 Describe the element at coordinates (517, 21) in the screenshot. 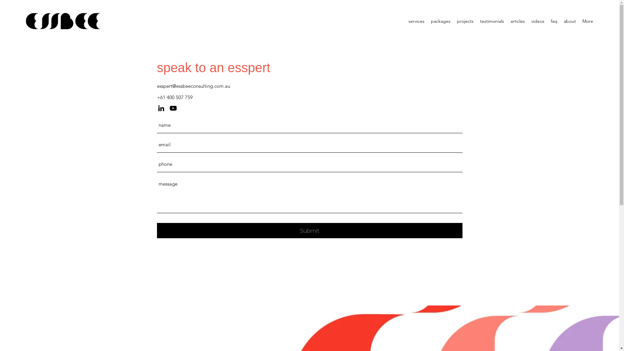

I see `'articles'` at that location.